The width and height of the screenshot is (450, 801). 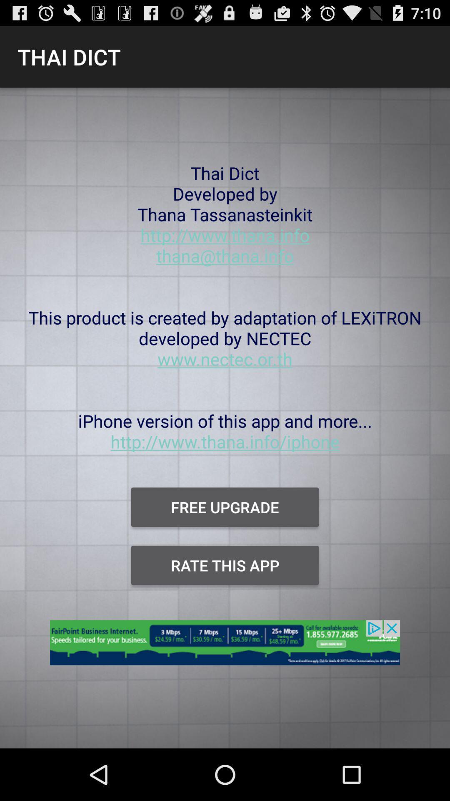 What do you see at coordinates (225, 647) in the screenshot?
I see `advertisement` at bounding box center [225, 647].